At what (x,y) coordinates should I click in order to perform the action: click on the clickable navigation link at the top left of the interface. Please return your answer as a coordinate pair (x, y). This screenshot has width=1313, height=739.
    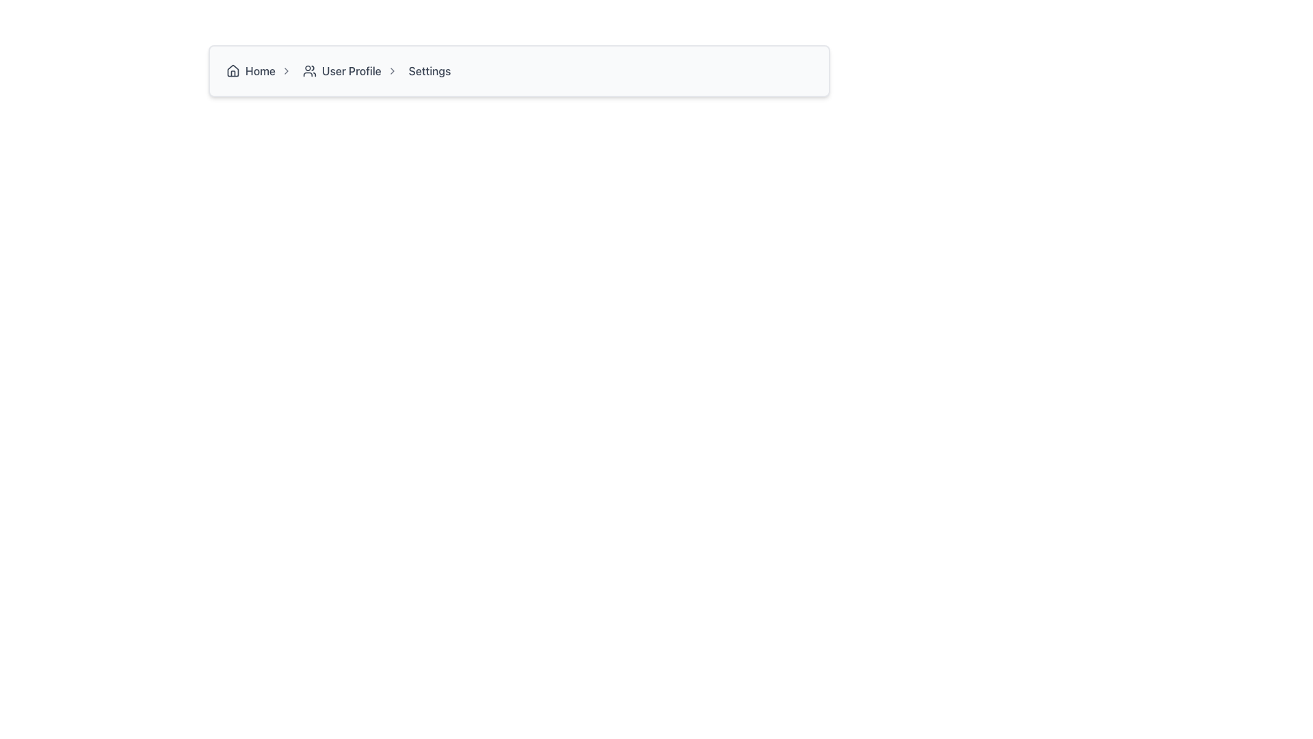
    Looking at the image, I should click on (250, 71).